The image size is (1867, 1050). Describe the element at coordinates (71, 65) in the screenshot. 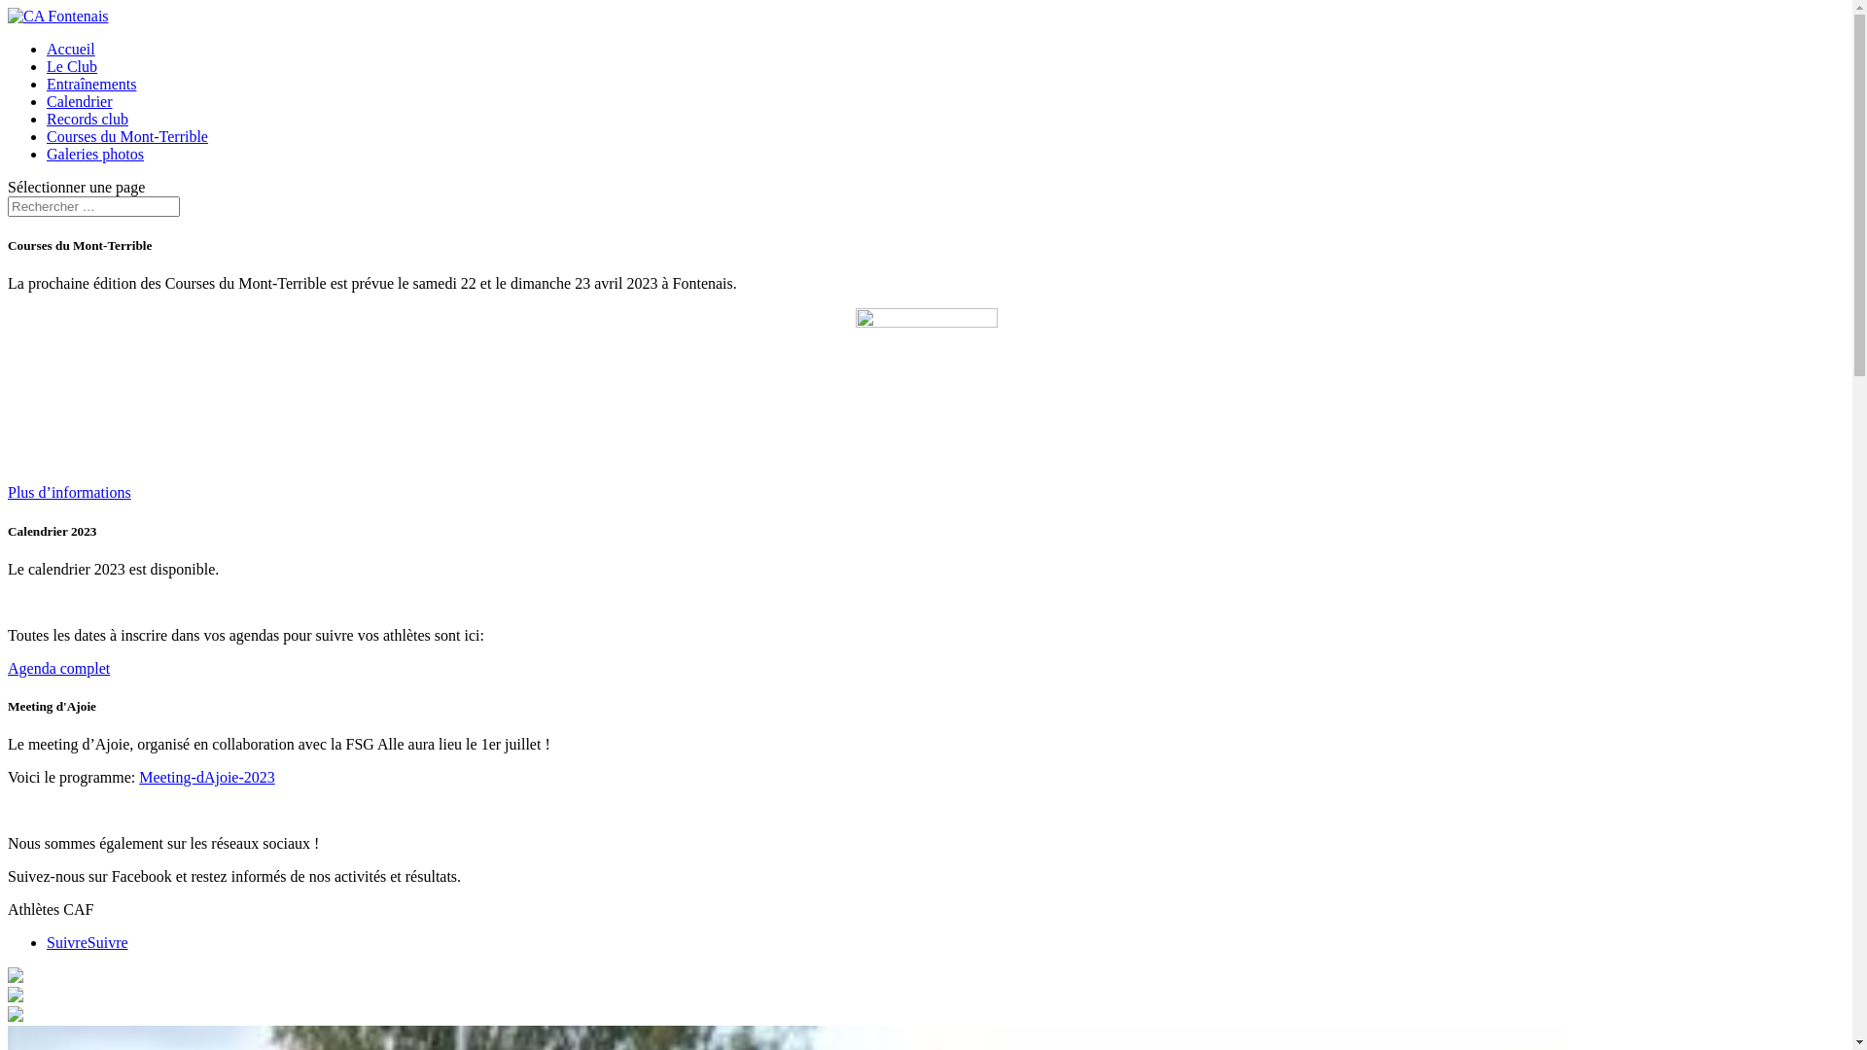

I see `'Le Club'` at that location.